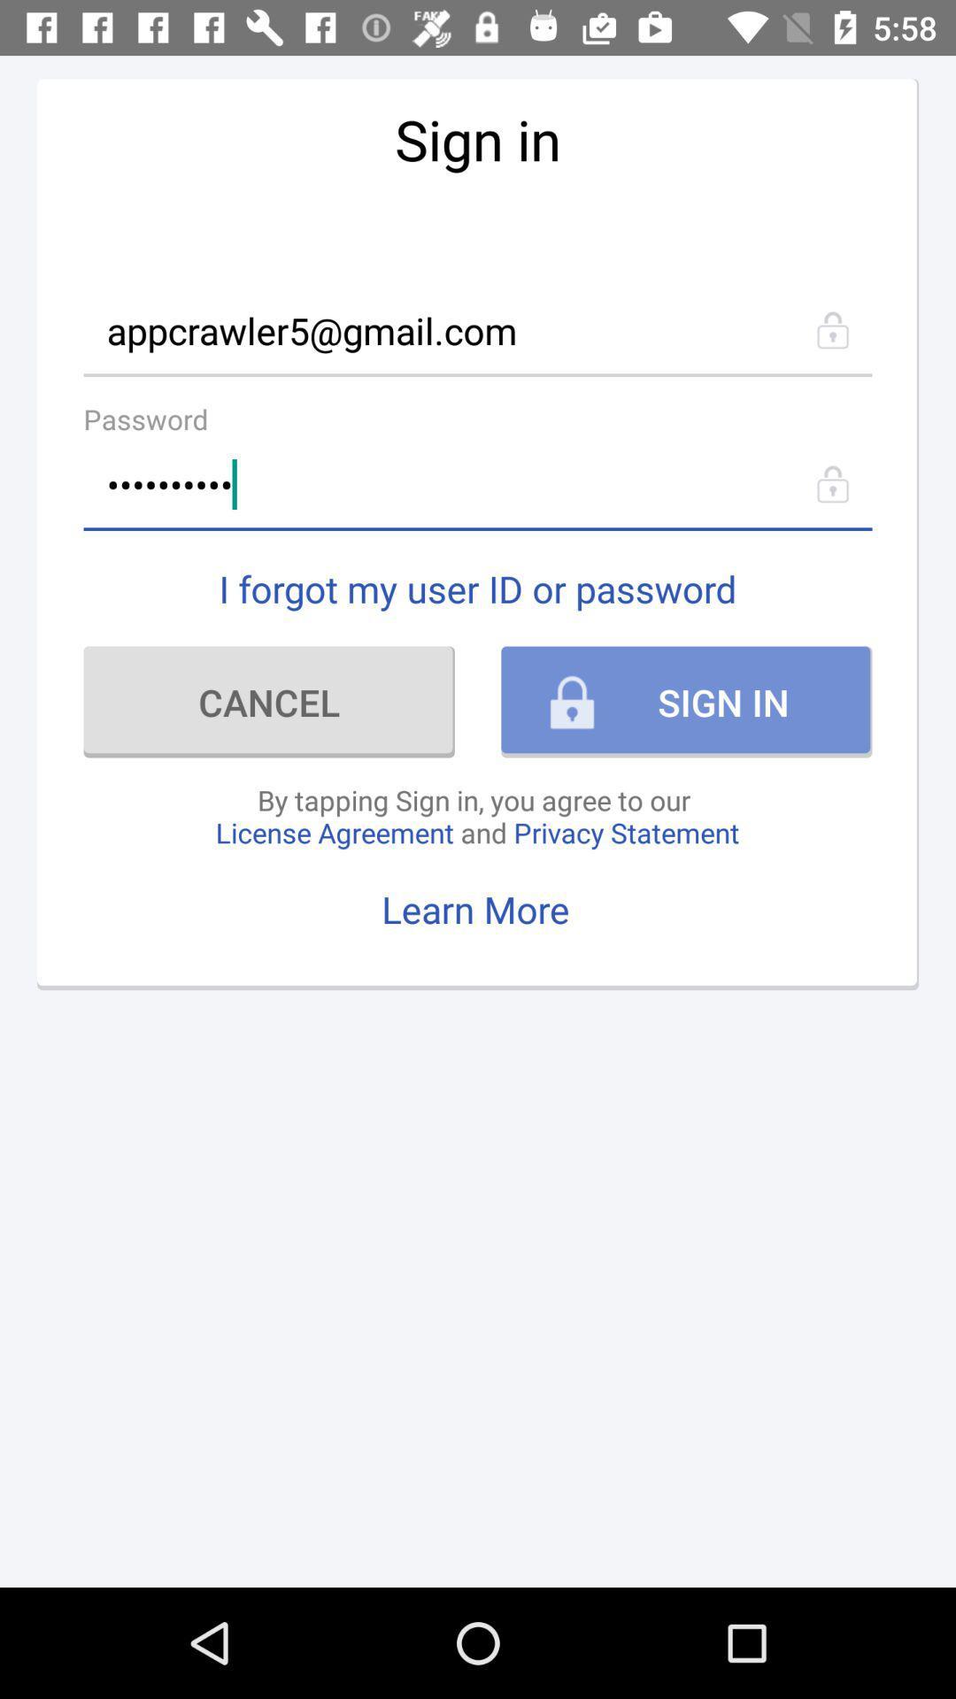  Describe the element at coordinates (476, 815) in the screenshot. I see `the by tapping sign icon` at that location.